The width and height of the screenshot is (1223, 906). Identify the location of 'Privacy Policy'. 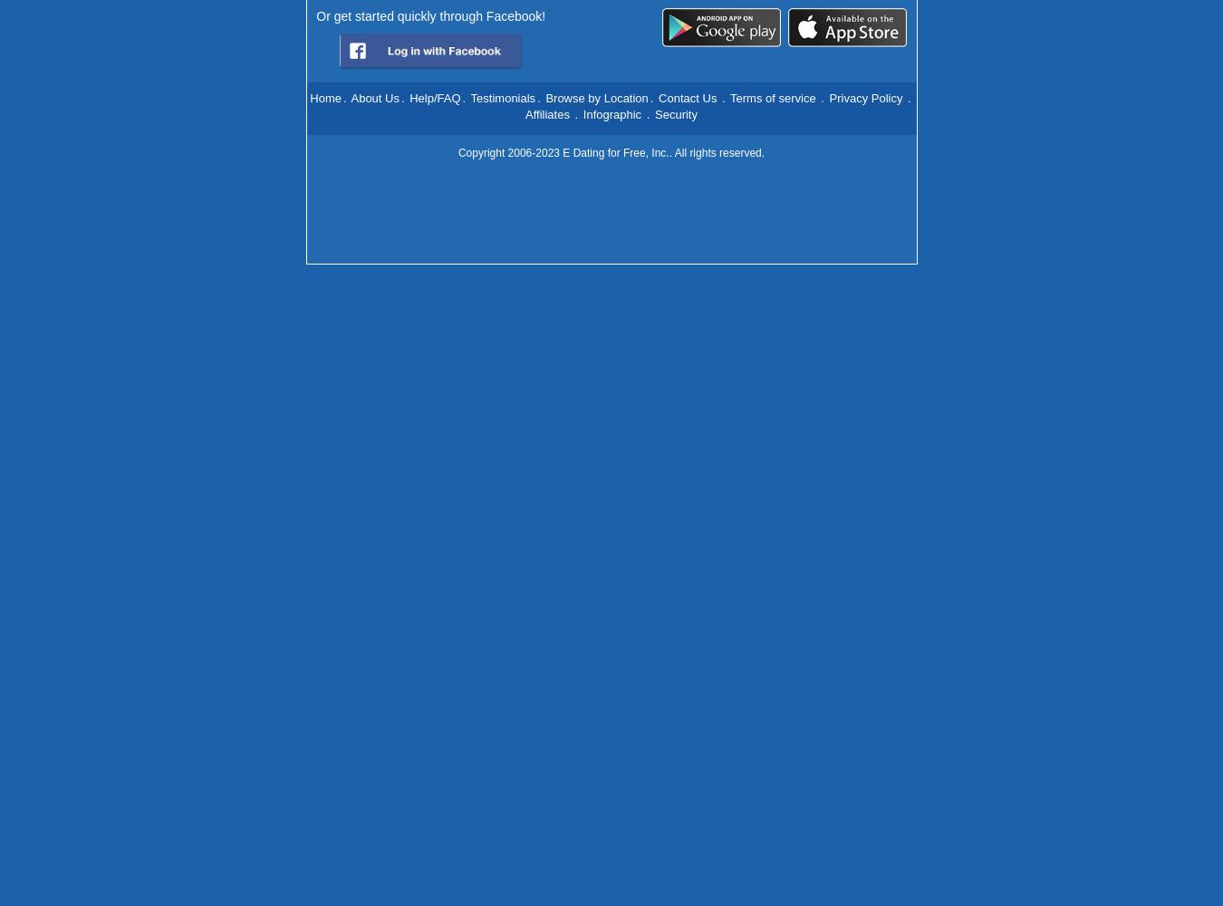
(864, 96).